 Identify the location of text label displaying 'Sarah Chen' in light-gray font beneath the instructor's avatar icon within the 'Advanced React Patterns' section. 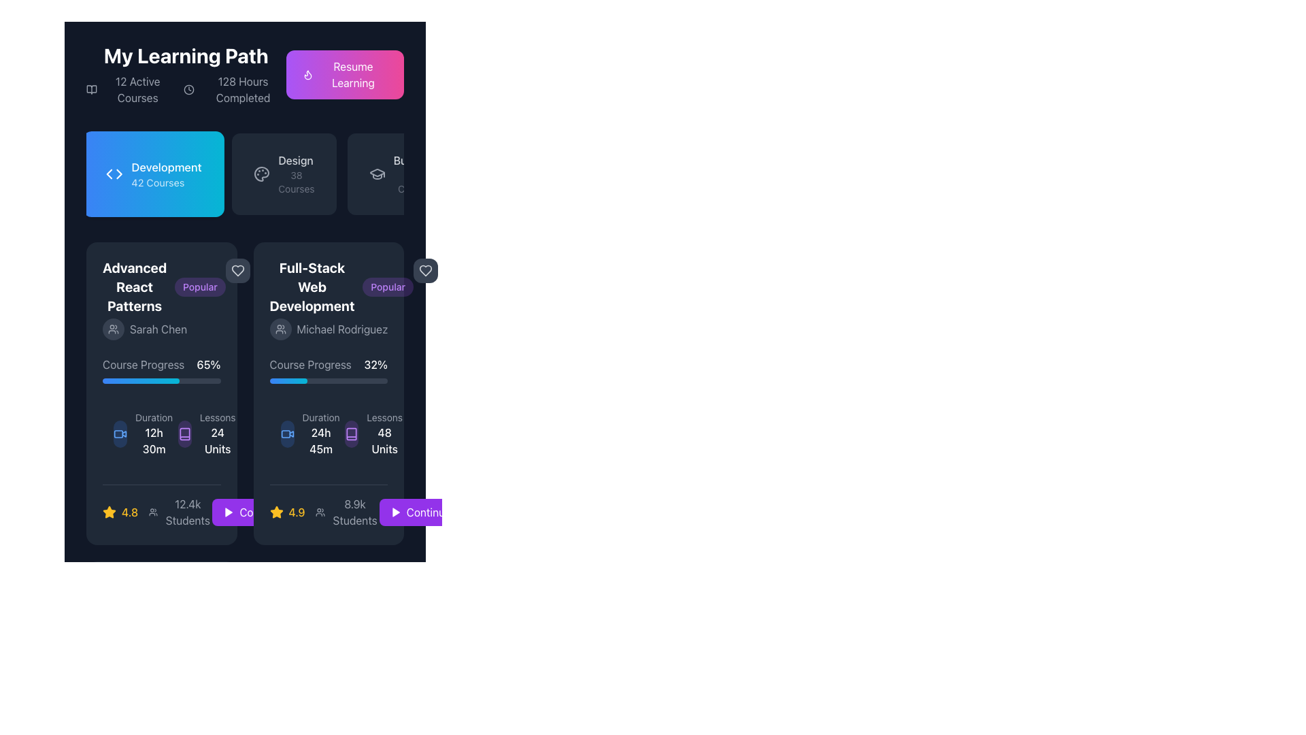
(158, 329).